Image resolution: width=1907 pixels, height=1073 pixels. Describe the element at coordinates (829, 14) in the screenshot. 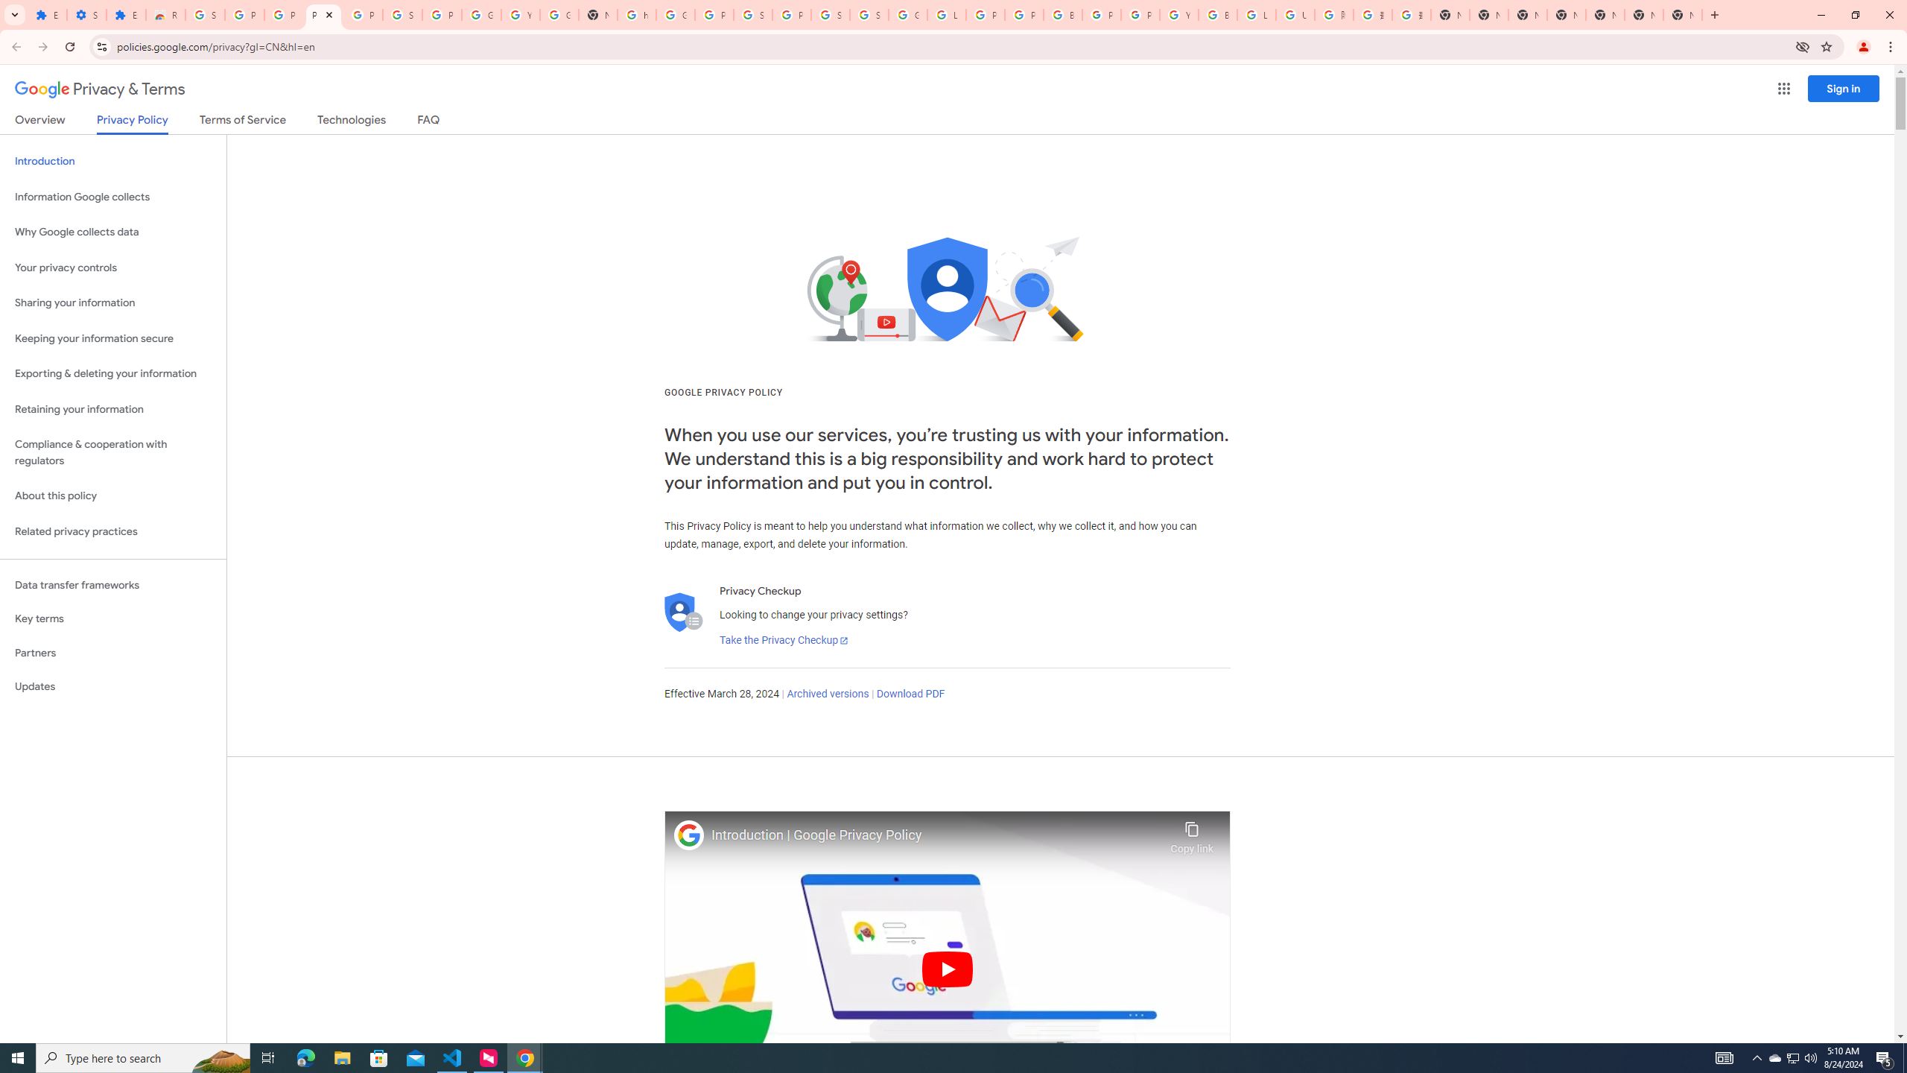

I see `'Sign in - Google Accounts'` at that location.